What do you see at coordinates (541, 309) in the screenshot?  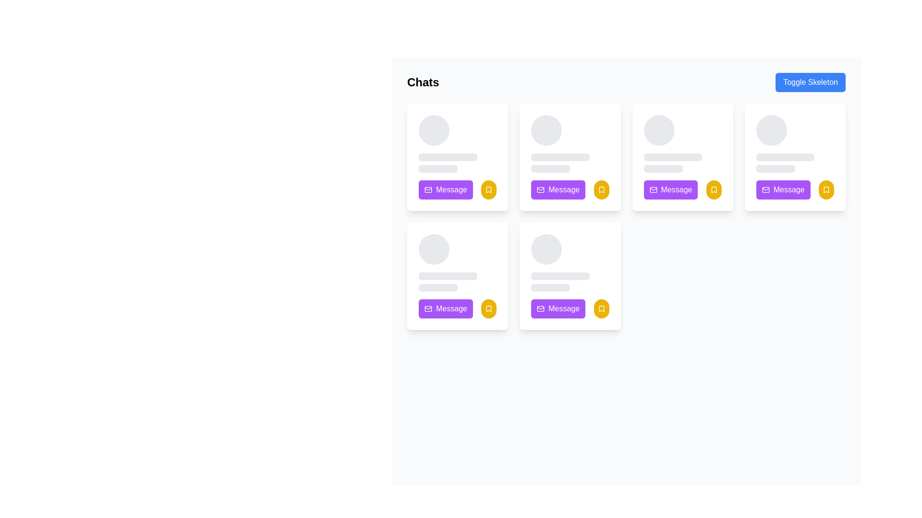 I see `the mail icon within the purple 'Message' button located at the bottom of the second card in the third row of the grid layout` at bounding box center [541, 309].